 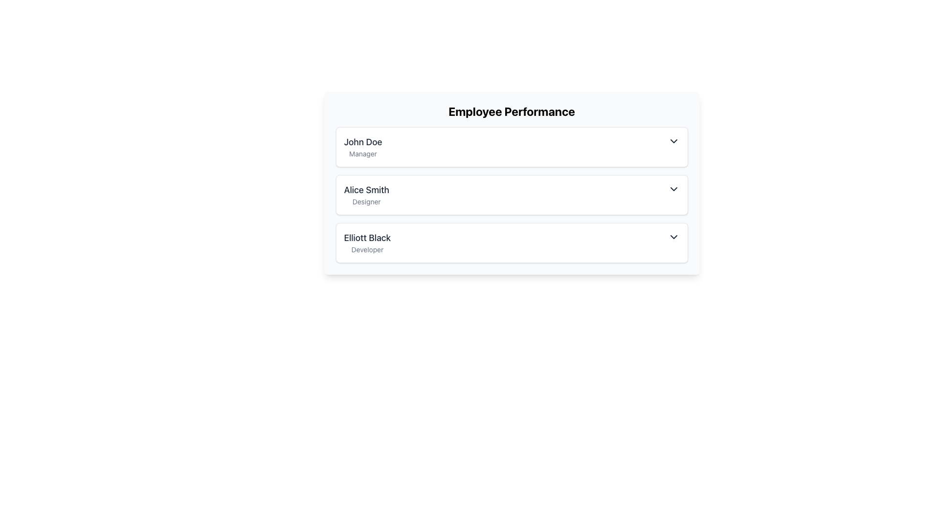 What do you see at coordinates (367, 242) in the screenshot?
I see `employee's name and job title displayed in the text content, which is the third item in the vertically stacked list inside the 'Employee Performance' card` at bounding box center [367, 242].